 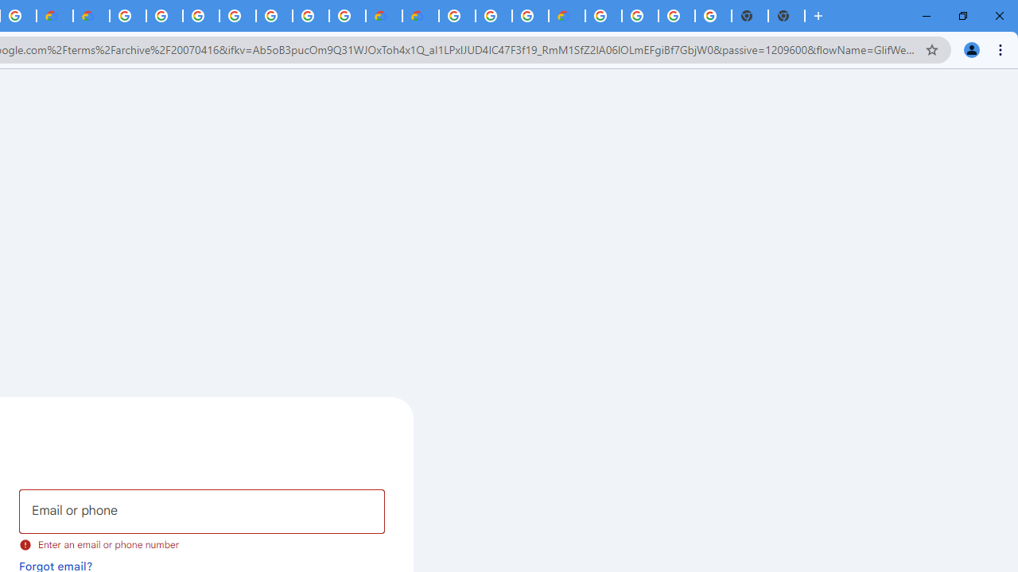 I want to click on 'New Tab', so click(x=787, y=16).